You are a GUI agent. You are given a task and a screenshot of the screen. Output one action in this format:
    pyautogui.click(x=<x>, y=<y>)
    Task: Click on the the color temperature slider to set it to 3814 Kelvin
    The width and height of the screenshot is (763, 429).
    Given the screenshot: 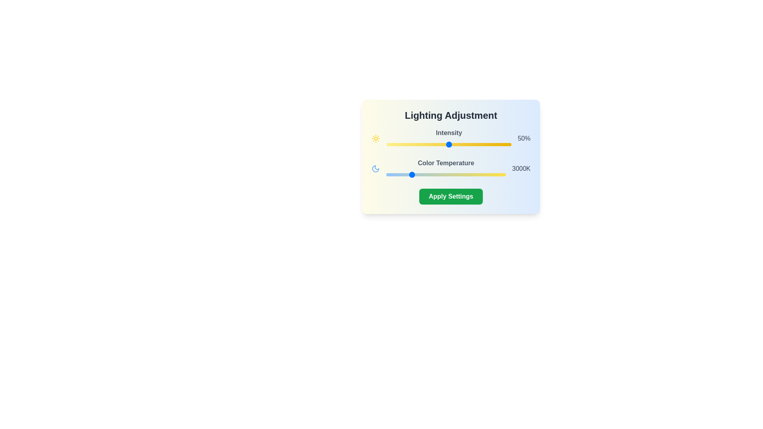 What is the action you would take?
    pyautogui.click(x=429, y=174)
    